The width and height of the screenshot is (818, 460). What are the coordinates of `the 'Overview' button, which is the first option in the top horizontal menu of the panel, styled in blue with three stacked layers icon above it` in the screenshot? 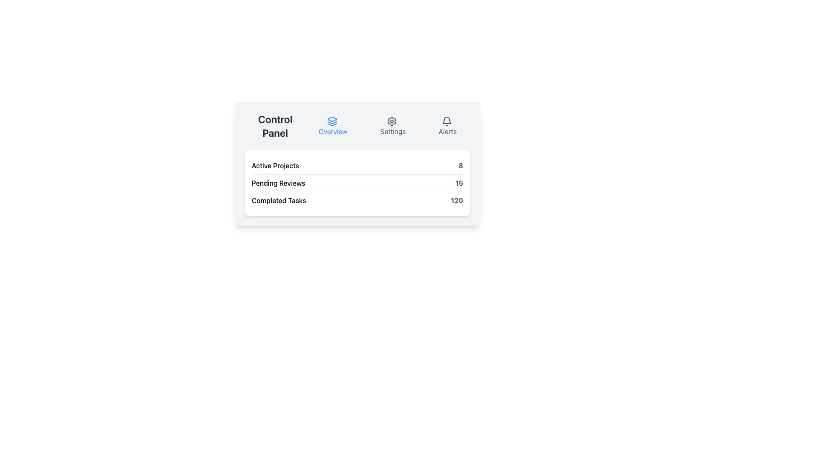 It's located at (332, 126).